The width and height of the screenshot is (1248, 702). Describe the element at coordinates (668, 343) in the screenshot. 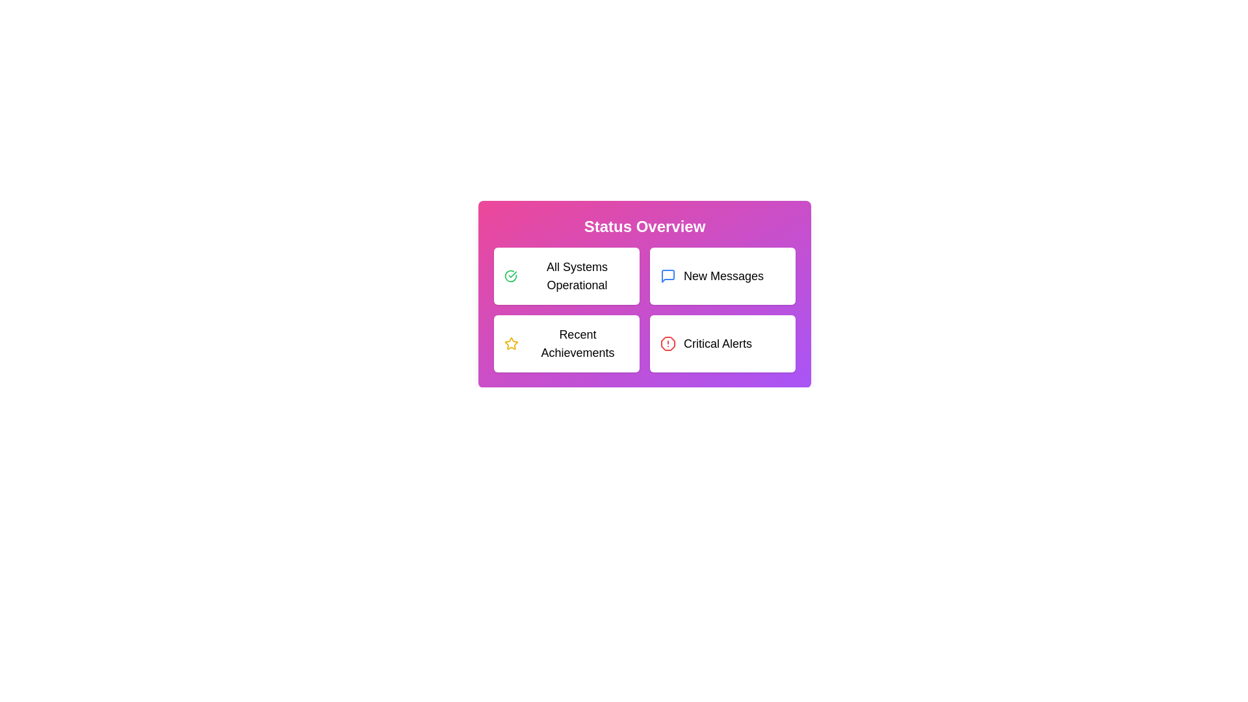

I see `the critical alert icon located in the lower-right quadrant of the grid under 'Status Overview' to interpret the alert status` at that location.